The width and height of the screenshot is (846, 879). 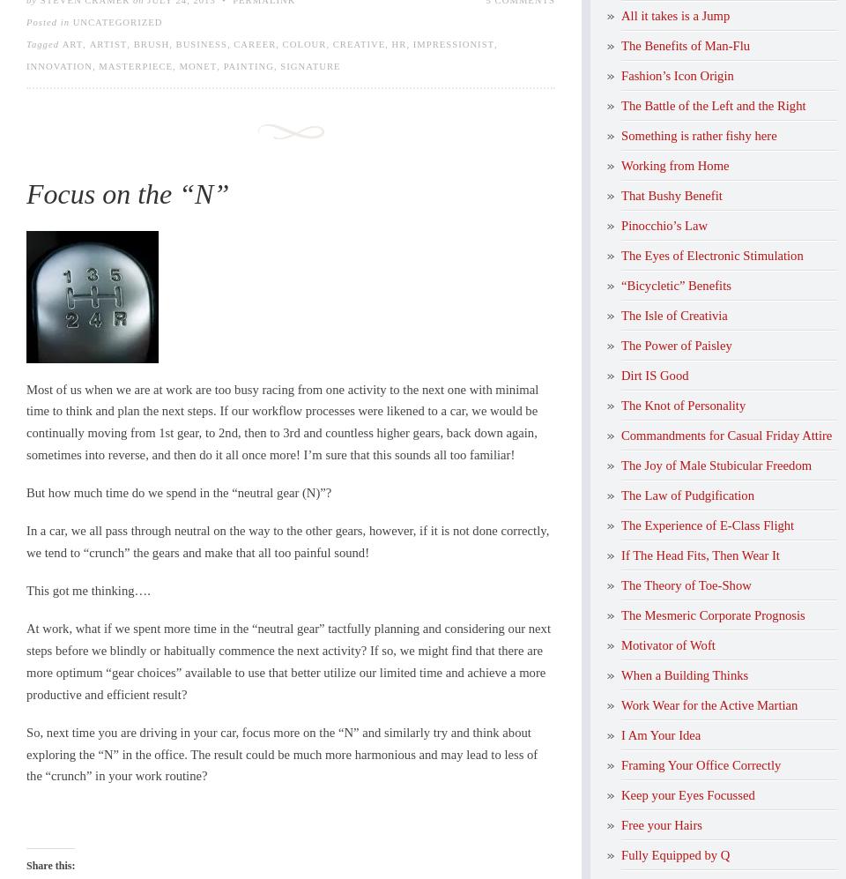 I want to click on 'brush', so click(x=150, y=43).